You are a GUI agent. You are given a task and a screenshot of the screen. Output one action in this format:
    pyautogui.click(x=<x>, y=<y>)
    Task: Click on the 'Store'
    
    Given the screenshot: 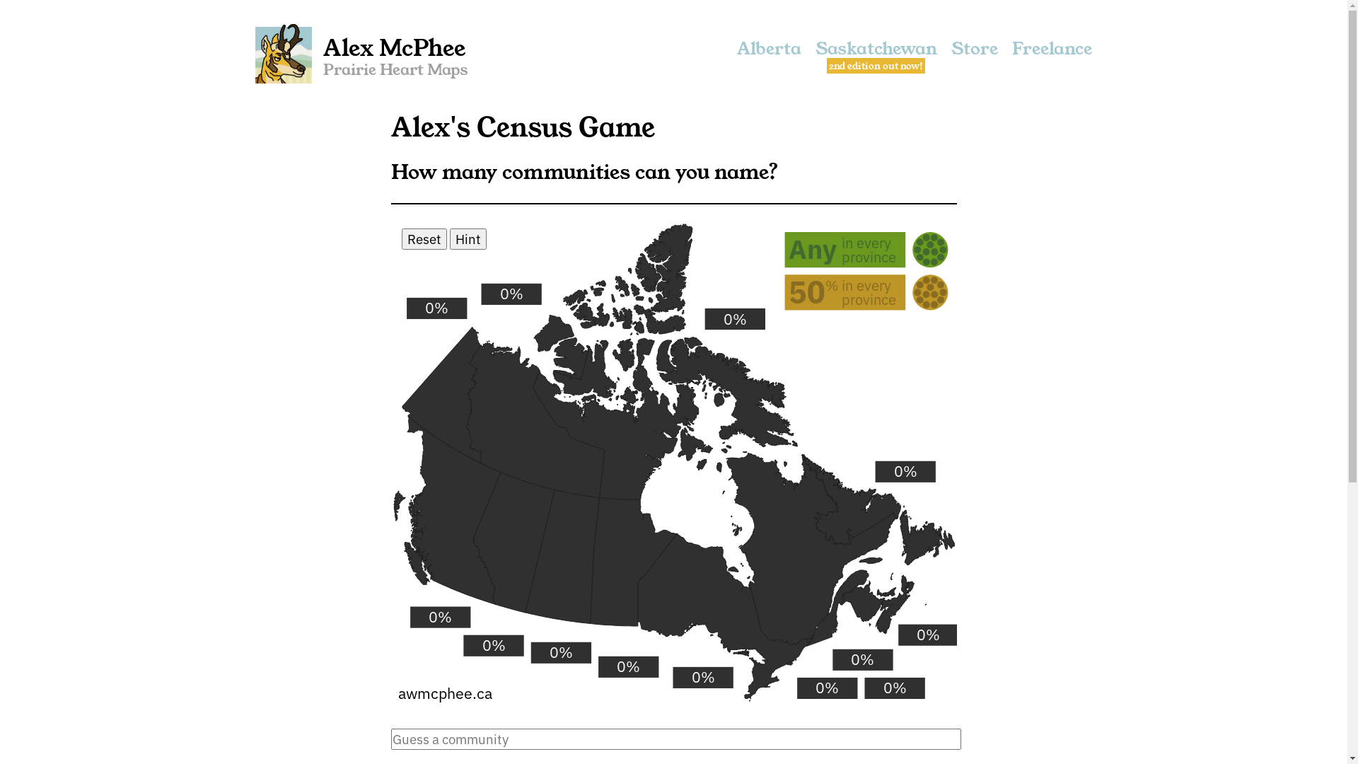 What is the action you would take?
    pyautogui.click(x=973, y=54)
    